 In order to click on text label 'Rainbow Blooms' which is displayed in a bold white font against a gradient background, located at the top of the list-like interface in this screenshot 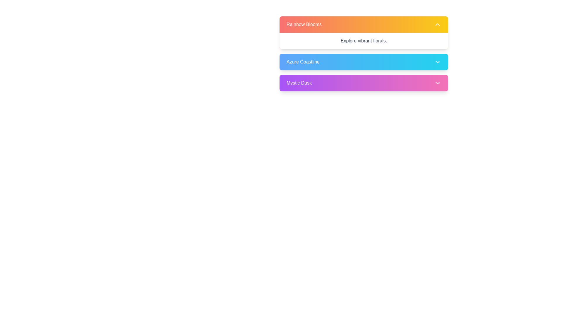, I will do `click(304, 24)`.